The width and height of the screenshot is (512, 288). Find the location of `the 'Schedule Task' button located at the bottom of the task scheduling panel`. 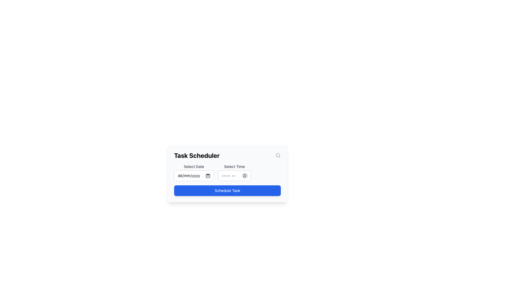

the 'Schedule Task' button located at the bottom of the task scheduling panel is located at coordinates (227, 190).